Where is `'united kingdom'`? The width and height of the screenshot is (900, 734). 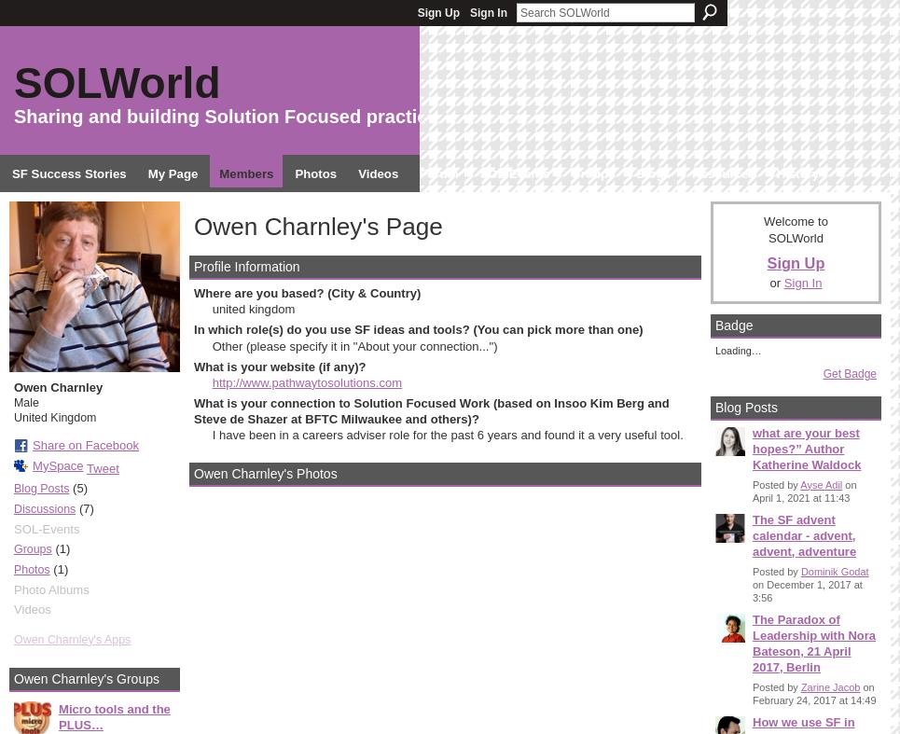 'united kingdom' is located at coordinates (210, 308).